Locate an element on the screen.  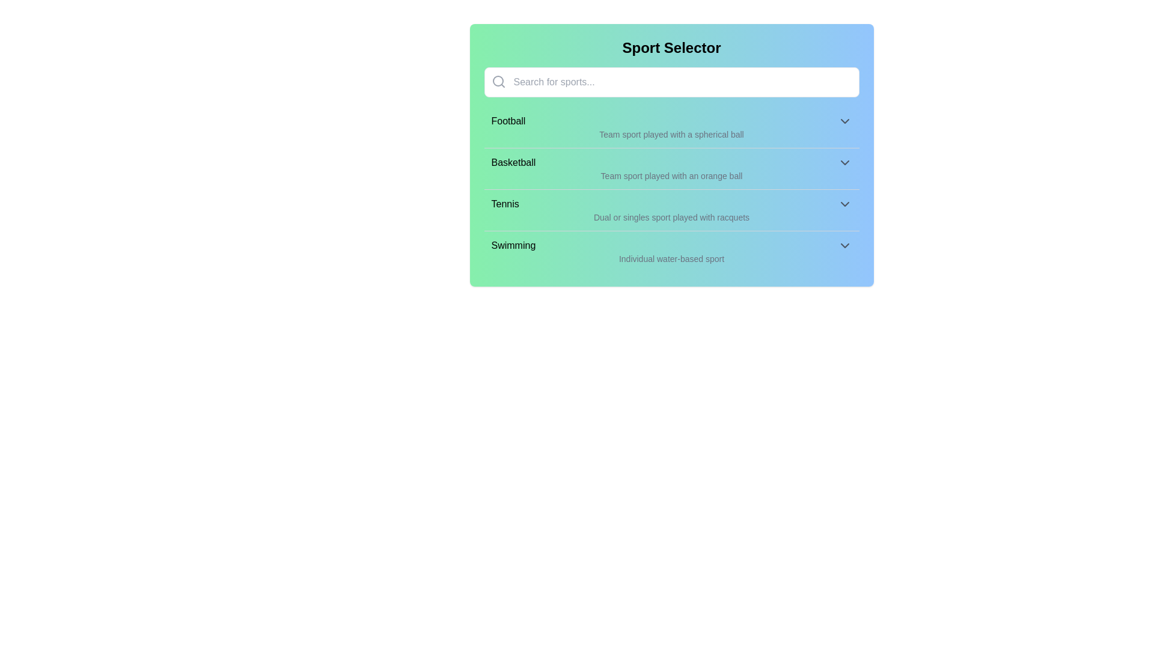
the static text label that provides additional context about the 'Football' option, located directly below the 'Football' title in the Sport Selector interface is located at coordinates (671, 134).